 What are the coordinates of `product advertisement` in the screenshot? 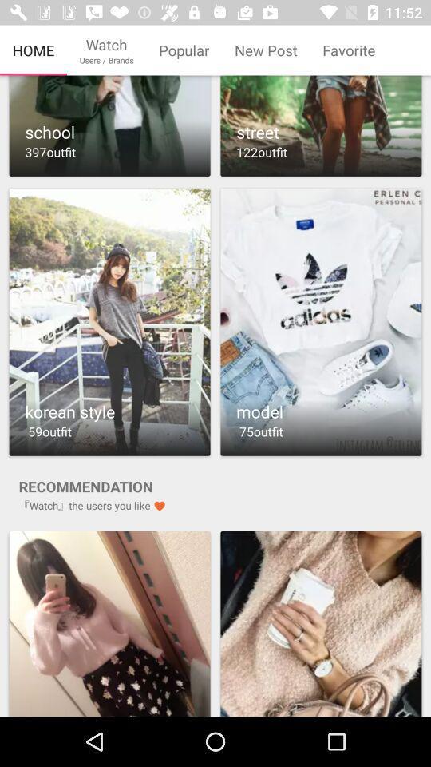 It's located at (321, 622).